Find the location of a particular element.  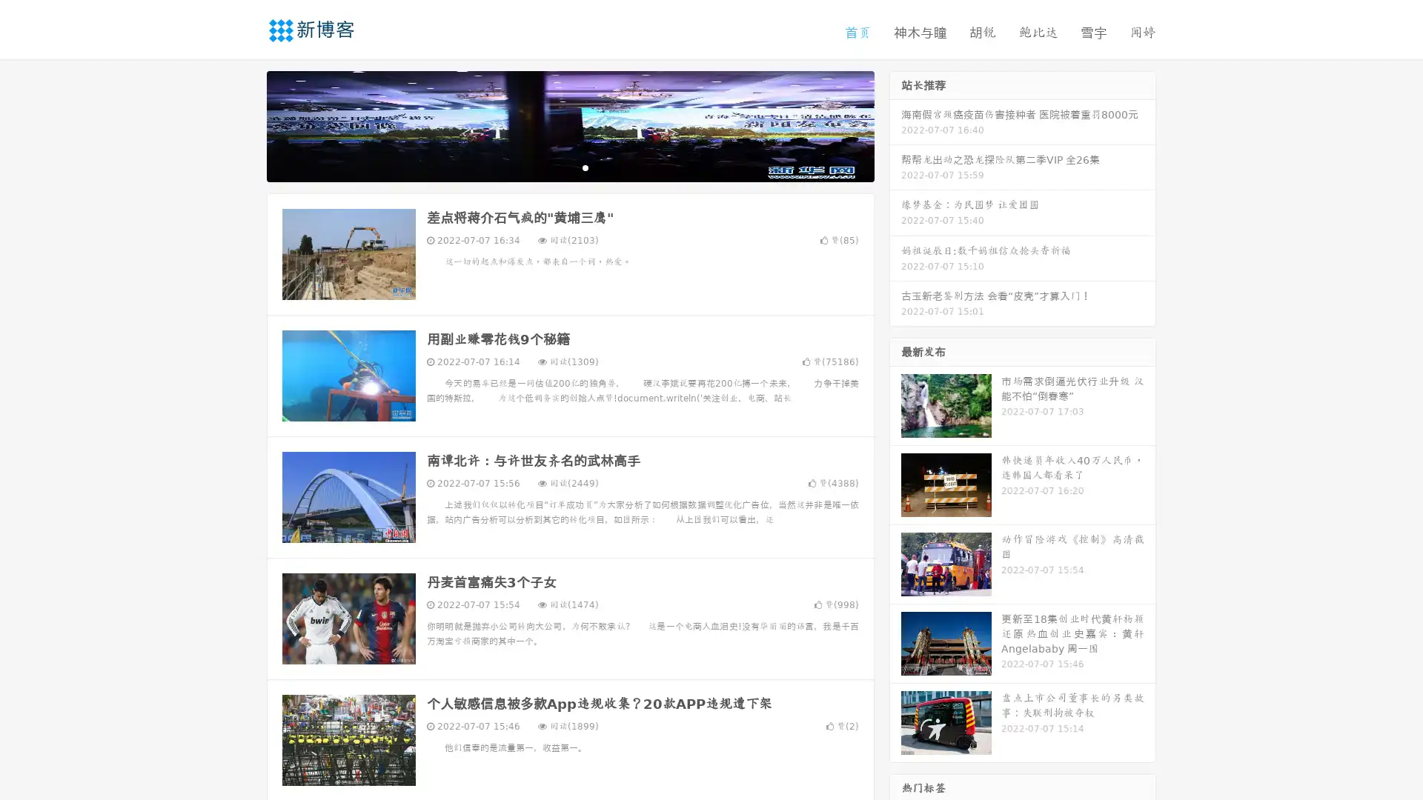

Go to slide 3 is located at coordinates (585, 167).